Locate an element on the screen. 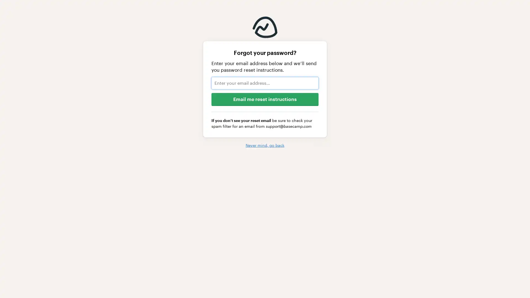 The image size is (530, 298). Email me reset instructions is located at coordinates (265, 99).